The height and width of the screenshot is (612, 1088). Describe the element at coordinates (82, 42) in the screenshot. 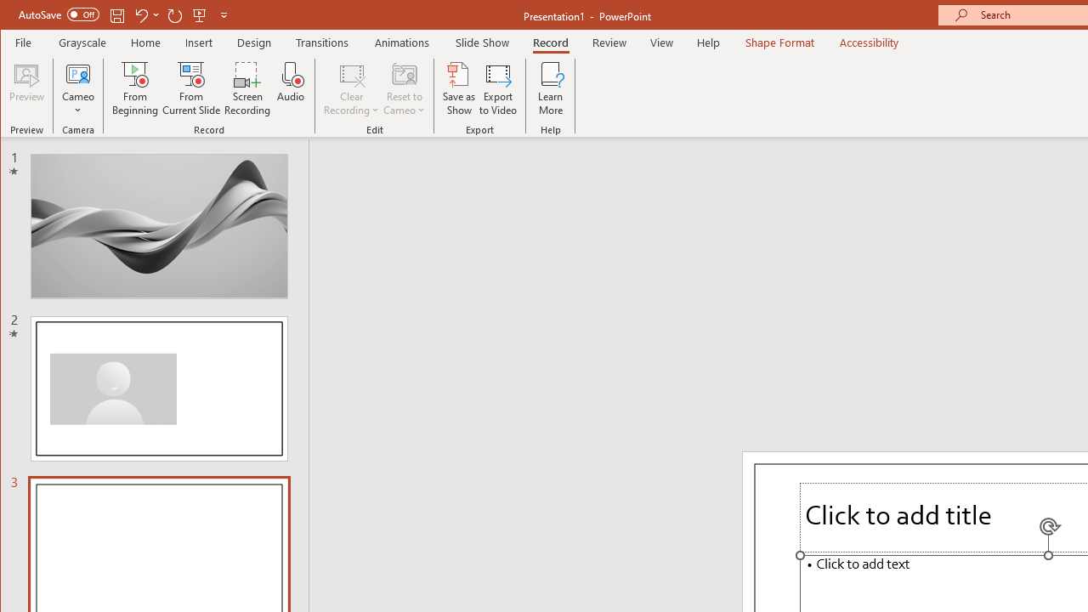

I see `'Grayscale'` at that location.